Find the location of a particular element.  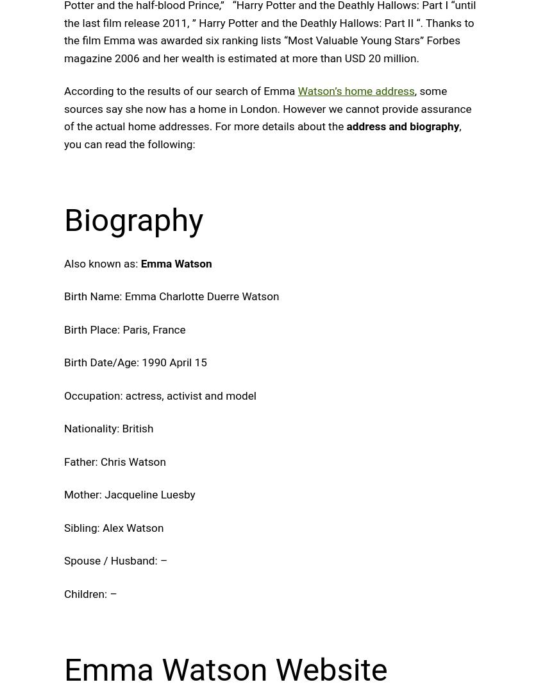

'Sibling: Alex Watson' is located at coordinates (113, 527).